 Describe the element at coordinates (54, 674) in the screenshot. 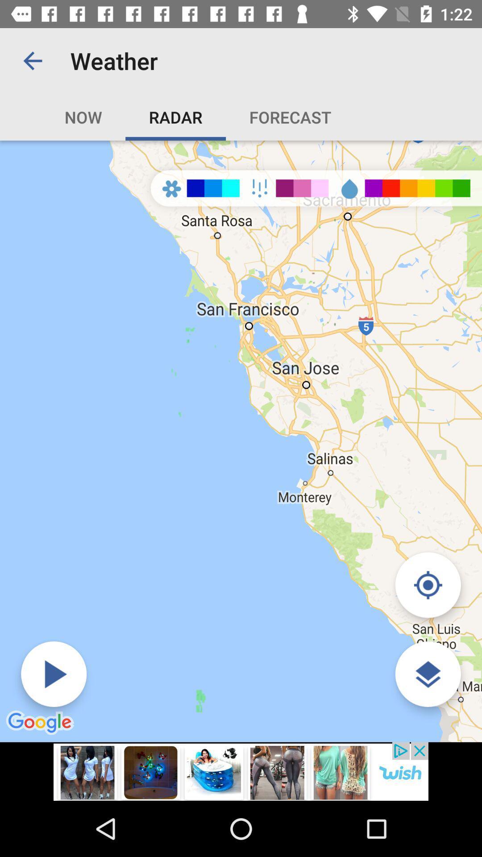

I see `video play button` at that location.